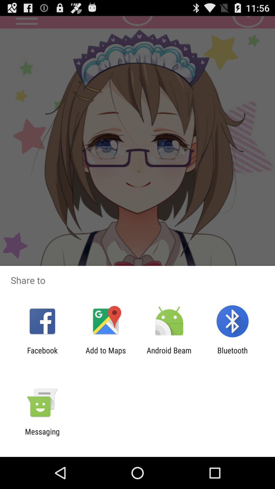 The width and height of the screenshot is (275, 489). What do you see at coordinates (169, 355) in the screenshot?
I see `the app to the left of the bluetooth` at bounding box center [169, 355].